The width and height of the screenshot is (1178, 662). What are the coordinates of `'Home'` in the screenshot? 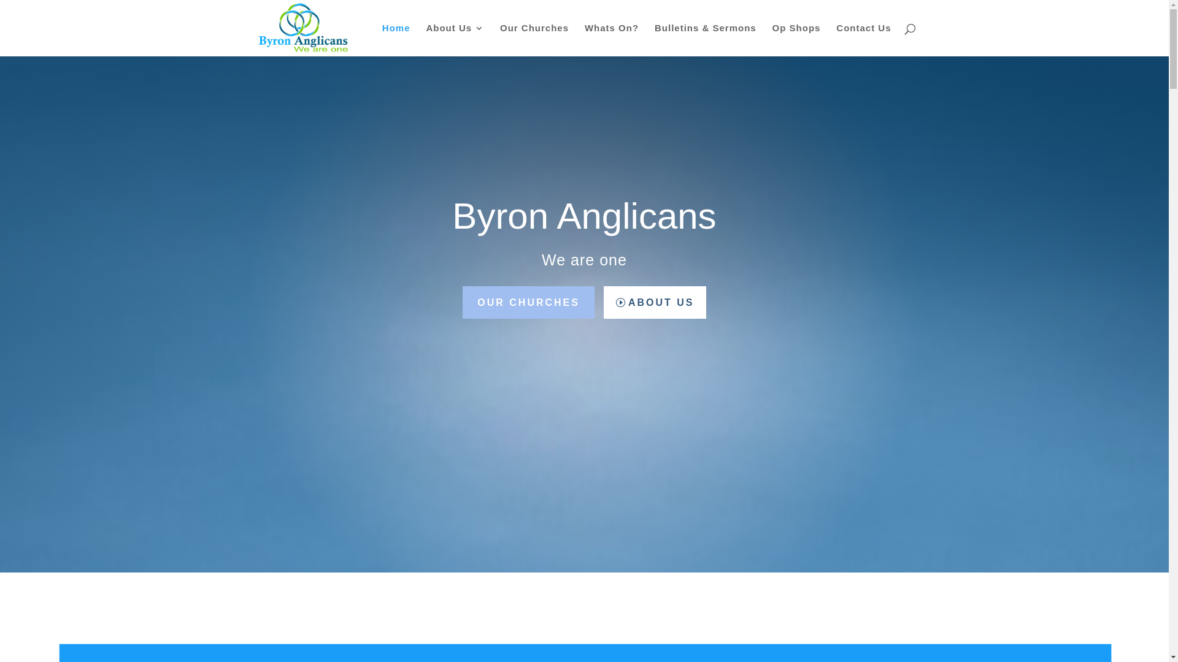 It's located at (396, 39).